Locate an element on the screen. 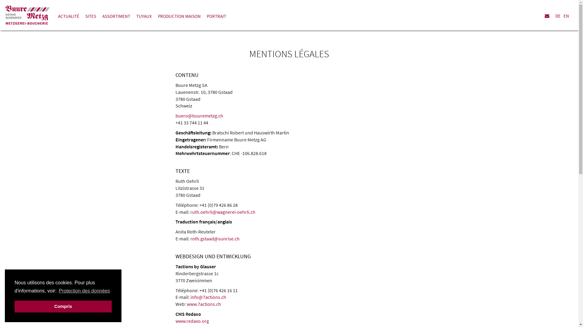  'ruth.oehrli@wagnerei-oehrli.ch' is located at coordinates (222, 211).